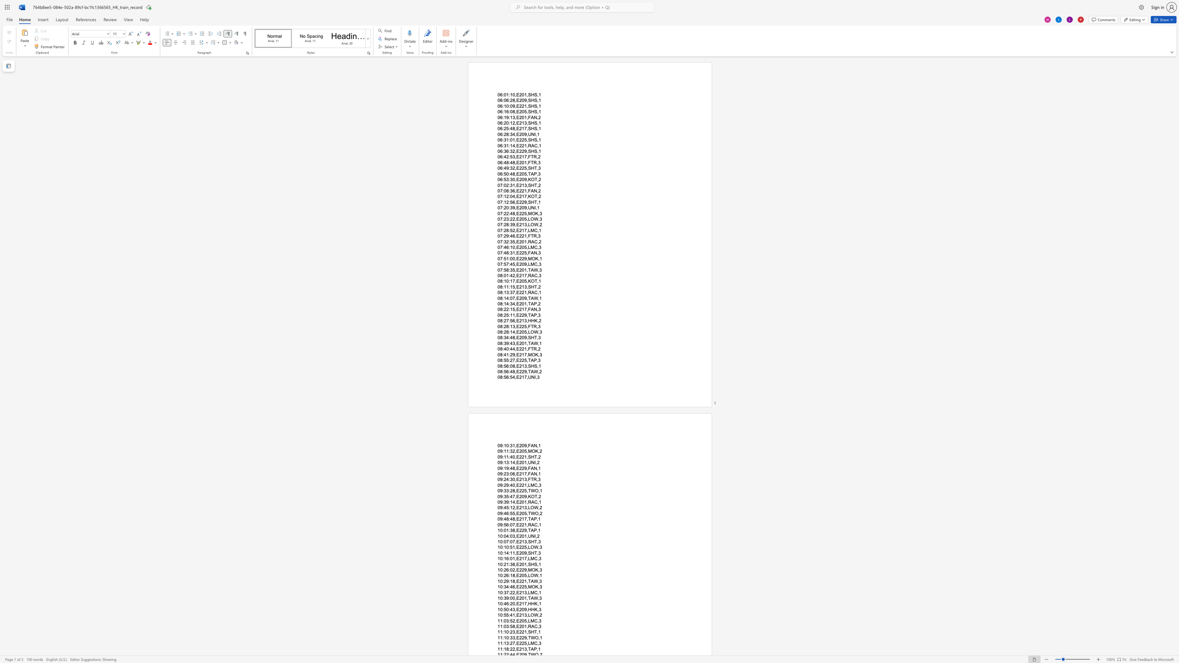  I want to click on the subset text "LM" within the text "07:57:45,E209,LMC,3", so click(527, 264).